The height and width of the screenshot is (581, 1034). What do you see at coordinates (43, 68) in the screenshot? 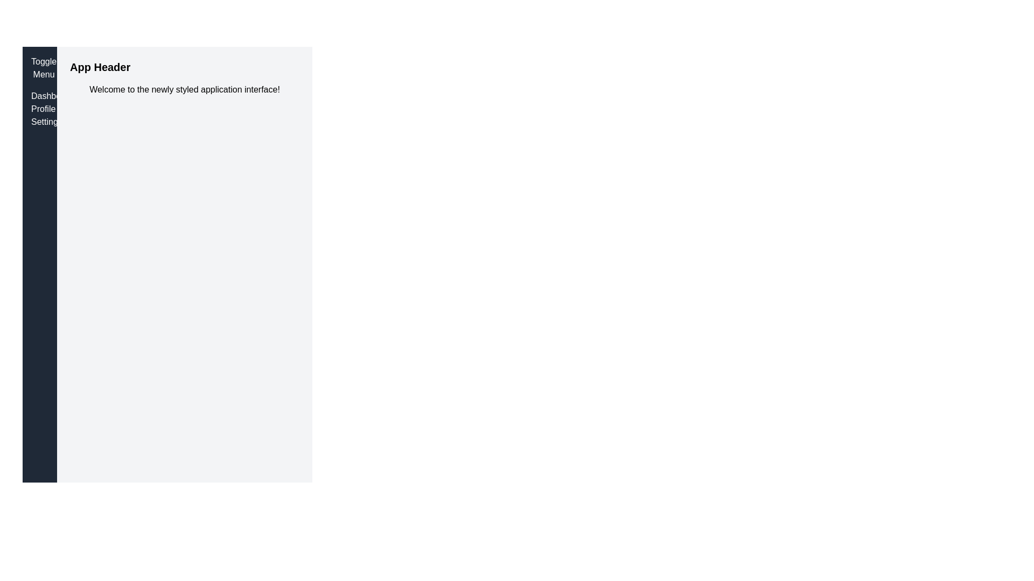
I see `the 'Toggle Menu' button, which is the first item in the vertical sidebar on the left side of the interface` at bounding box center [43, 68].